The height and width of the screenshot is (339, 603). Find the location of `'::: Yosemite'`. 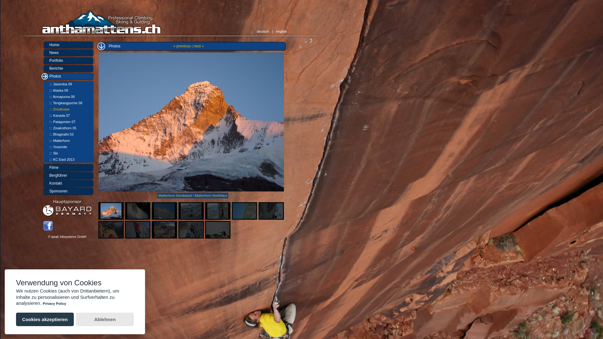

'::: Yosemite' is located at coordinates (54, 147).